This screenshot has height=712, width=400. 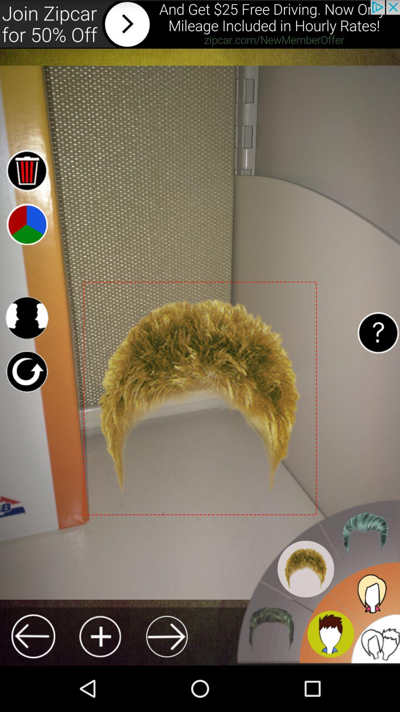 What do you see at coordinates (378, 332) in the screenshot?
I see `get help` at bounding box center [378, 332].